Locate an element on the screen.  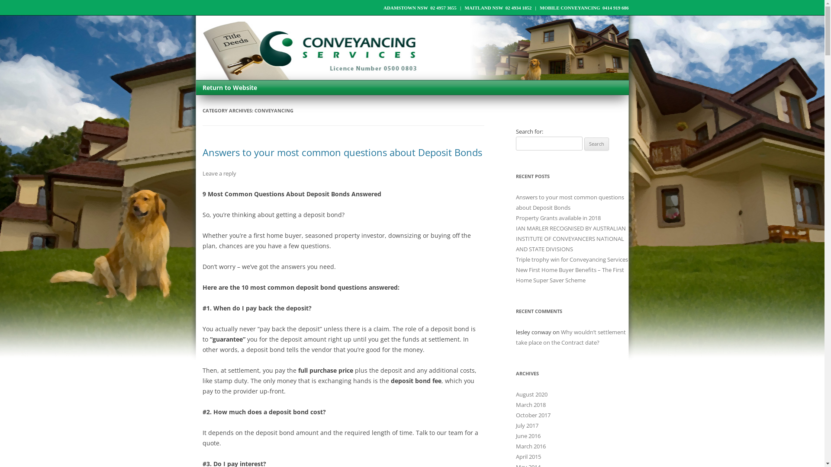
'Triple trophy win for Conveyancing Services' is located at coordinates (572, 259).